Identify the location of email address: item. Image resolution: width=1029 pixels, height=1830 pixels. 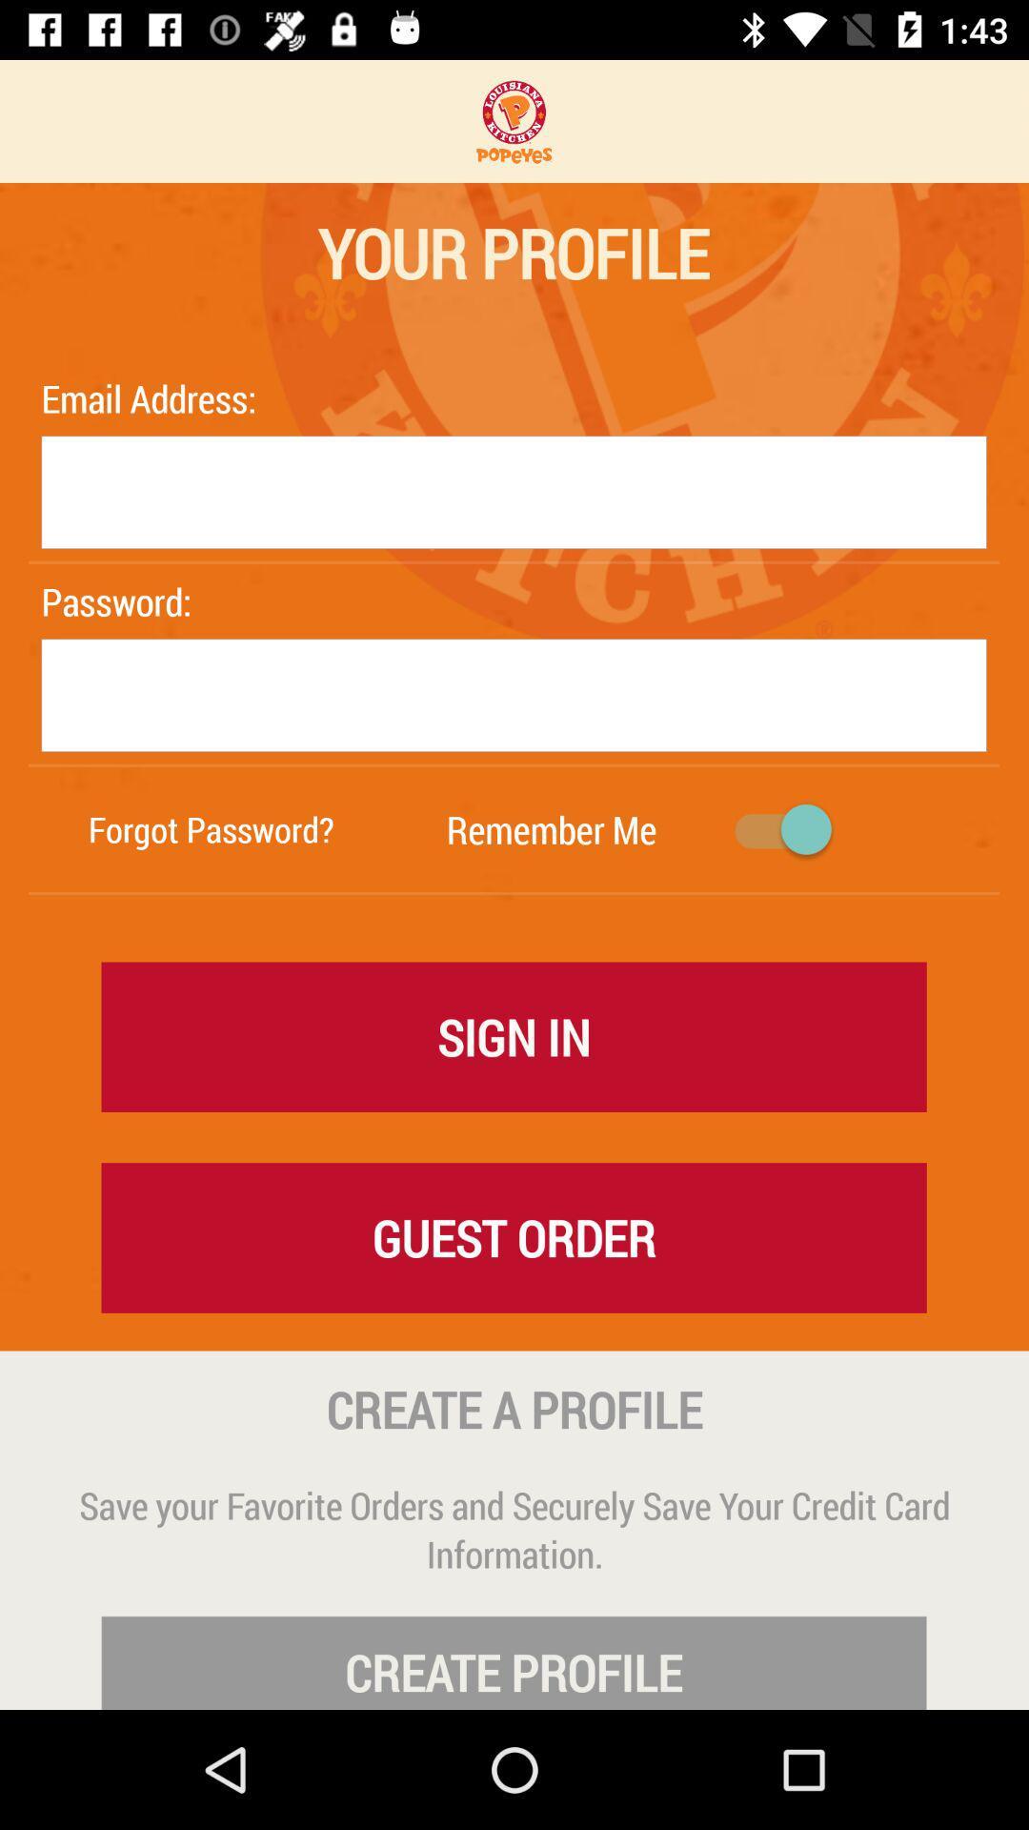
(152, 397).